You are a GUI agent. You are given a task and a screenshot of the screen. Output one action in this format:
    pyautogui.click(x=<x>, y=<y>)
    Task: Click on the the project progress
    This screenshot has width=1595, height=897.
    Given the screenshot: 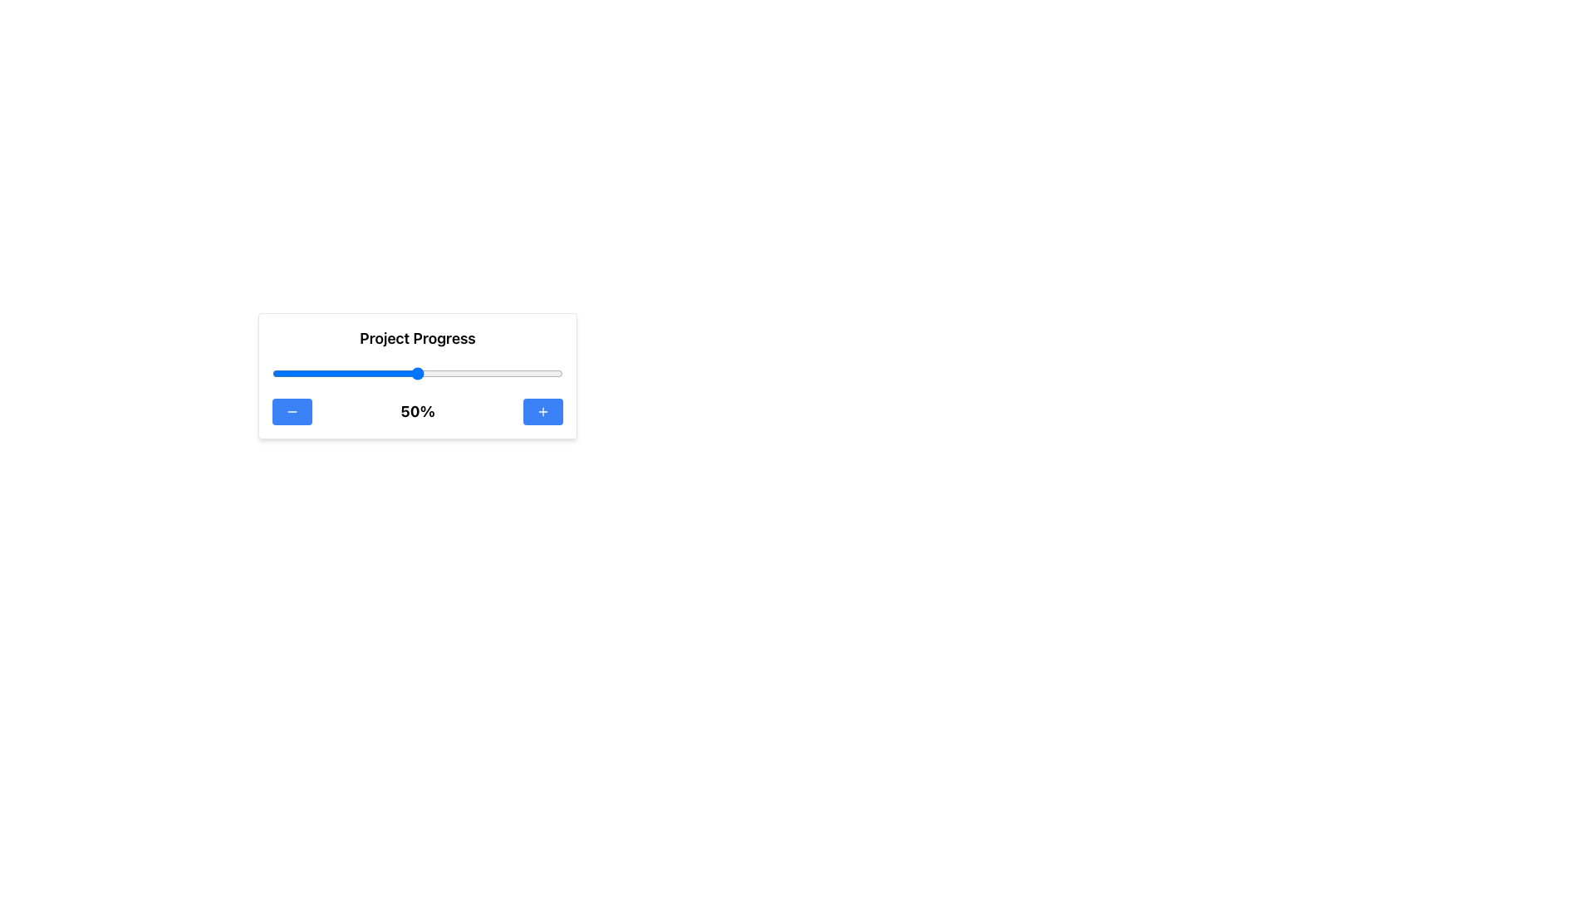 What is the action you would take?
    pyautogui.click(x=379, y=374)
    